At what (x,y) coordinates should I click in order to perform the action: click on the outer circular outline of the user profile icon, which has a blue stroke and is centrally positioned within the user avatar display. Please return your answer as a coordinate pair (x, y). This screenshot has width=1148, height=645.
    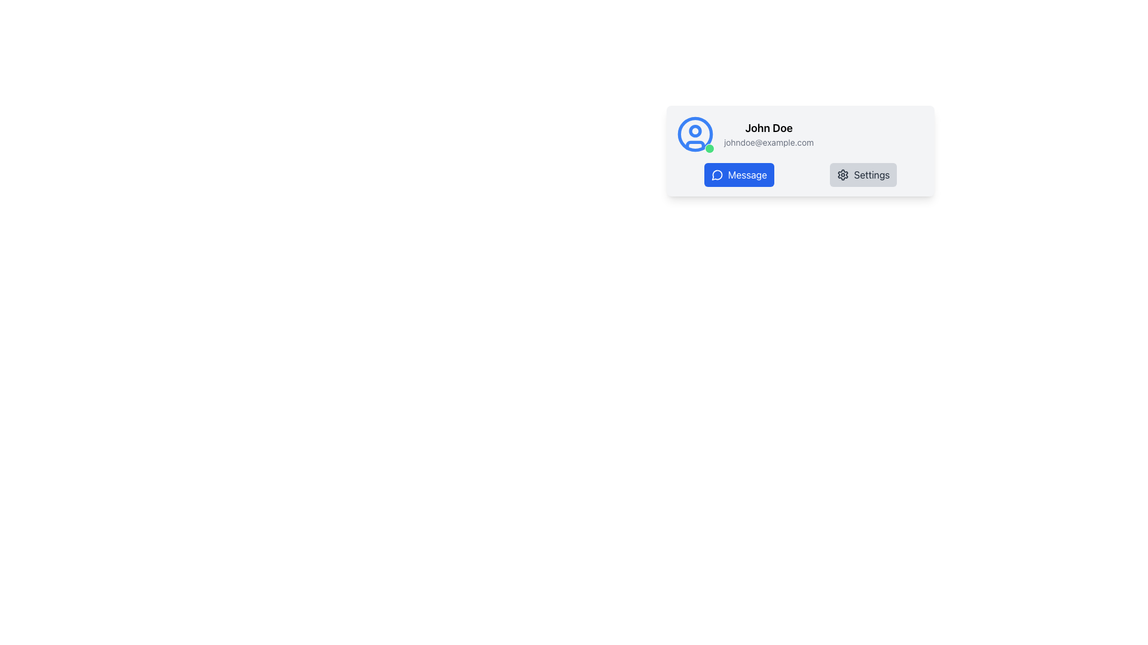
    Looking at the image, I should click on (695, 134).